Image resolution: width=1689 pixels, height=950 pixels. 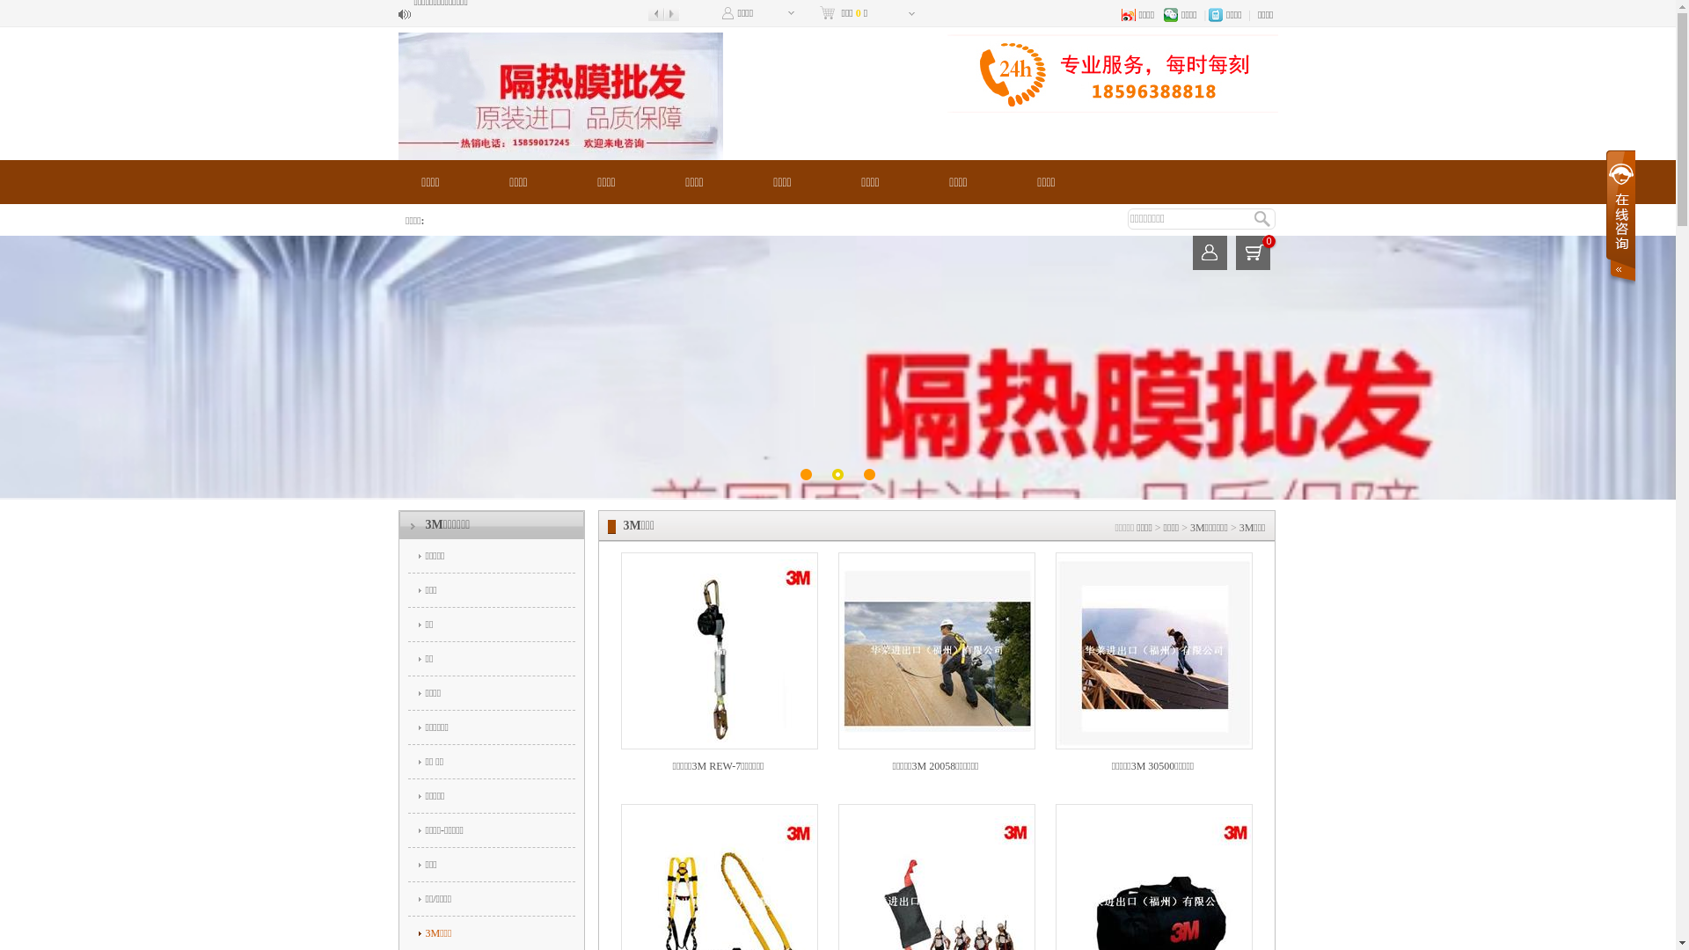 What do you see at coordinates (1110, 71) in the screenshot?
I see `'hotline'` at bounding box center [1110, 71].